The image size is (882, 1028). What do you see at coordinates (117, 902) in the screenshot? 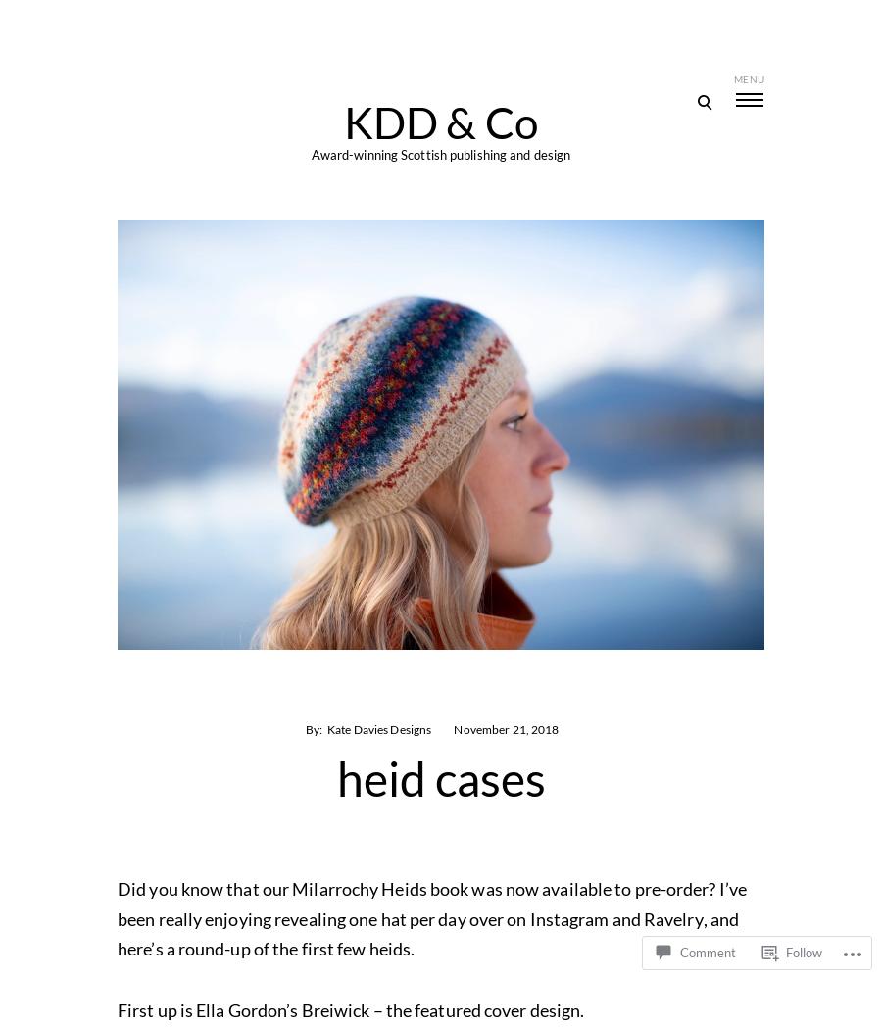
I see `'I’ve been really enjoying revealing one hat per day over on'` at bounding box center [117, 902].